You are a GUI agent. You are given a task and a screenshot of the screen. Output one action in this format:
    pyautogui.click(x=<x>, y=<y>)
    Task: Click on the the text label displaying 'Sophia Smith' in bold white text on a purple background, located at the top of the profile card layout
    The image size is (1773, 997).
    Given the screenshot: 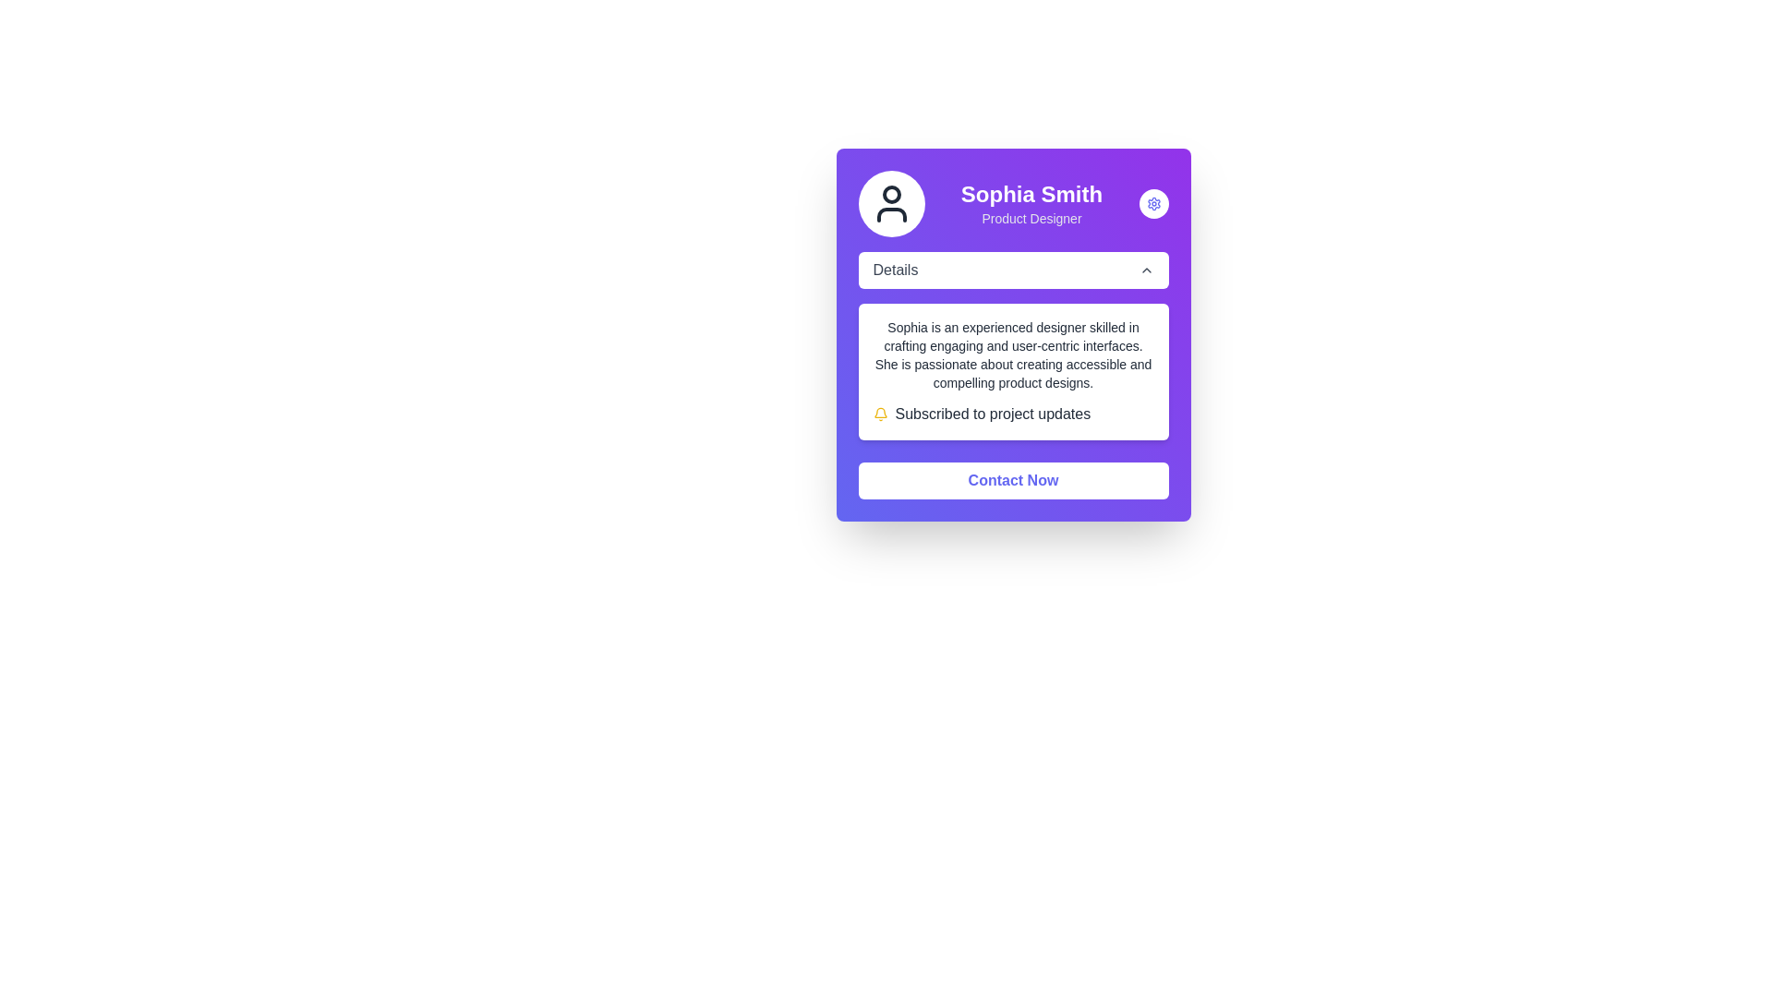 What is the action you would take?
    pyautogui.click(x=1031, y=195)
    